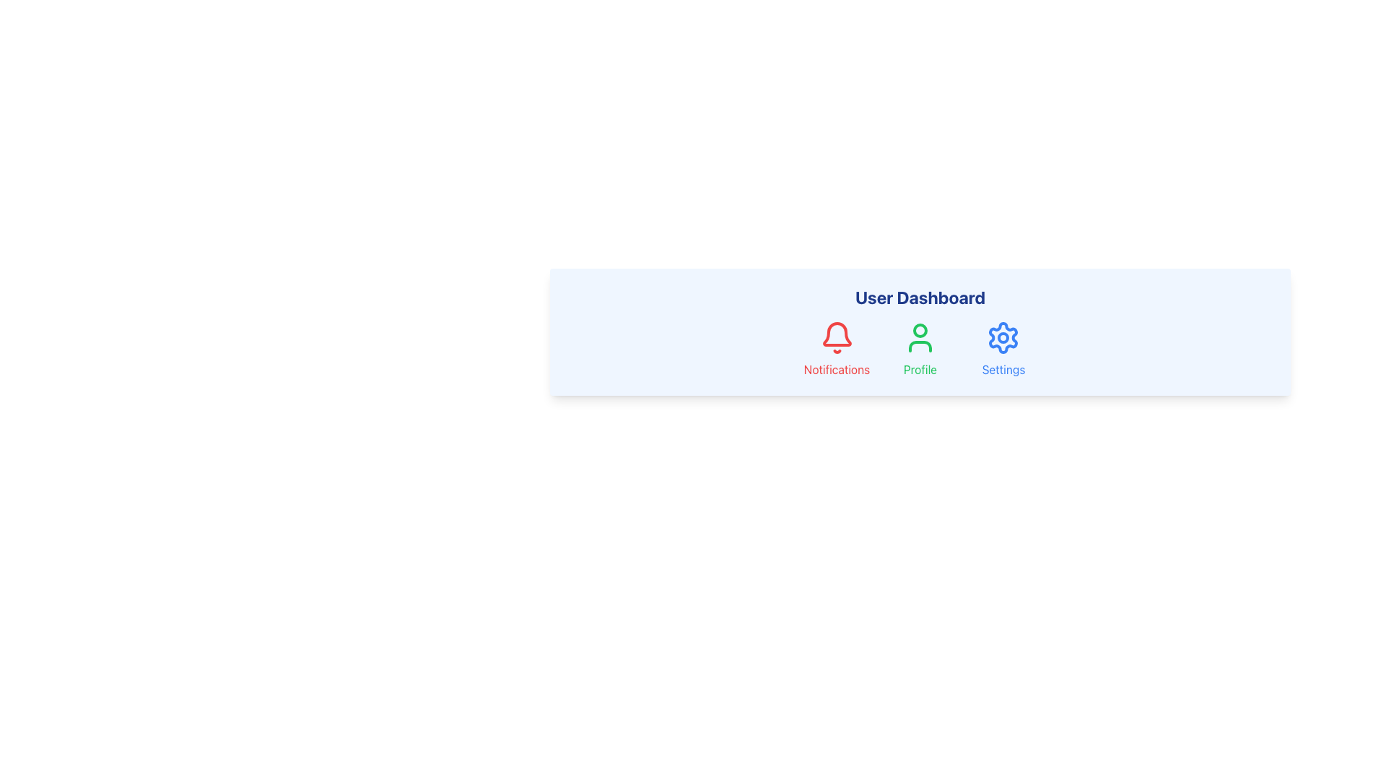  Describe the element at coordinates (920, 331) in the screenshot. I see `the small circular shape with a border, part of the profile icon located under the text 'Profile'` at that location.